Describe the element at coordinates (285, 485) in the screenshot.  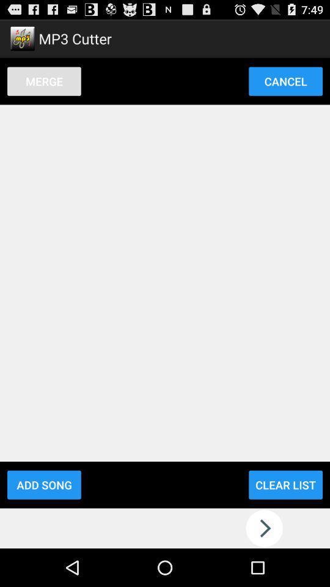
I see `clear list icon` at that location.